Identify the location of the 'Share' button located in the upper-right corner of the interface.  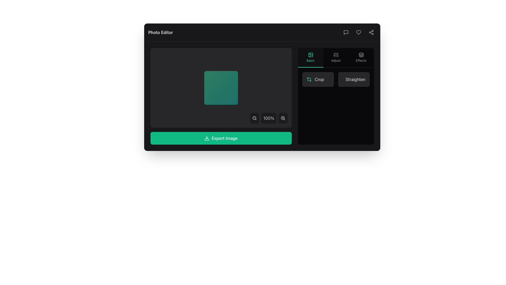
(371, 32).